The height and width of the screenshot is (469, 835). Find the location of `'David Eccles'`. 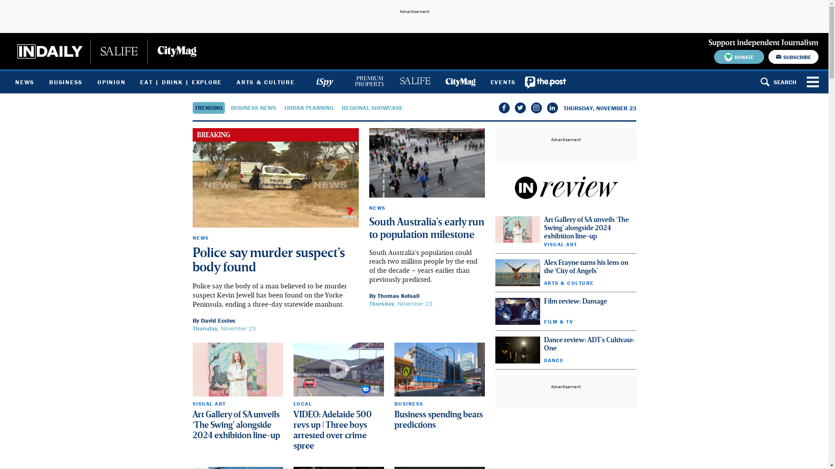

'David Eccles' is located at coordinates (200, 320).